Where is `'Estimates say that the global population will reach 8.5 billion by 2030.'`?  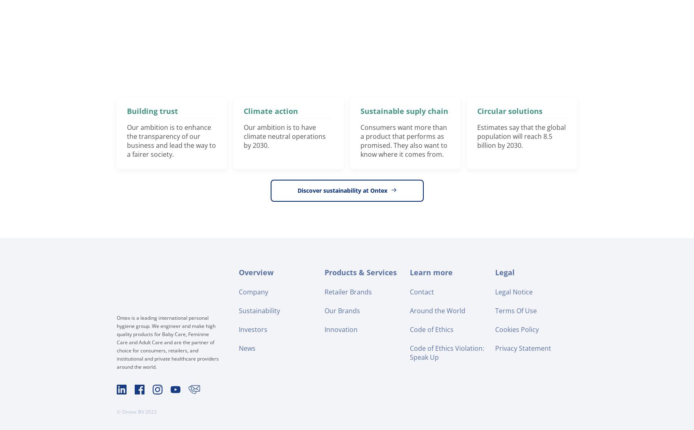 'Estimates say that the global population will reach 8.5 billion by 2030.' is located at coordinates (521, 136).